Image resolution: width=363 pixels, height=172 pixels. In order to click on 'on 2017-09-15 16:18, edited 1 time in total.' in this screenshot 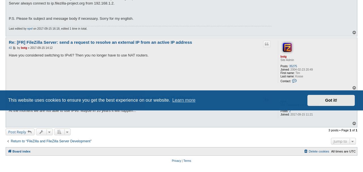, I will do `click(60, 28)`.